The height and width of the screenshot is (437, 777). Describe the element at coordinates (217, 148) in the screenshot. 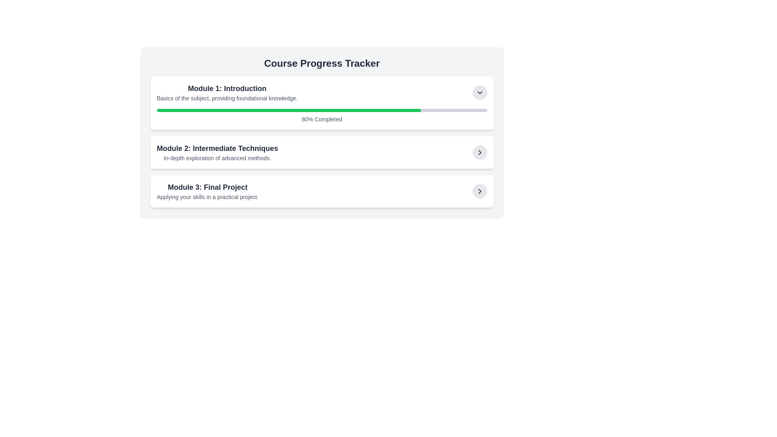

I see `the text label displaying the title of the second module in the course progress tracker by clicking on it` at that location.